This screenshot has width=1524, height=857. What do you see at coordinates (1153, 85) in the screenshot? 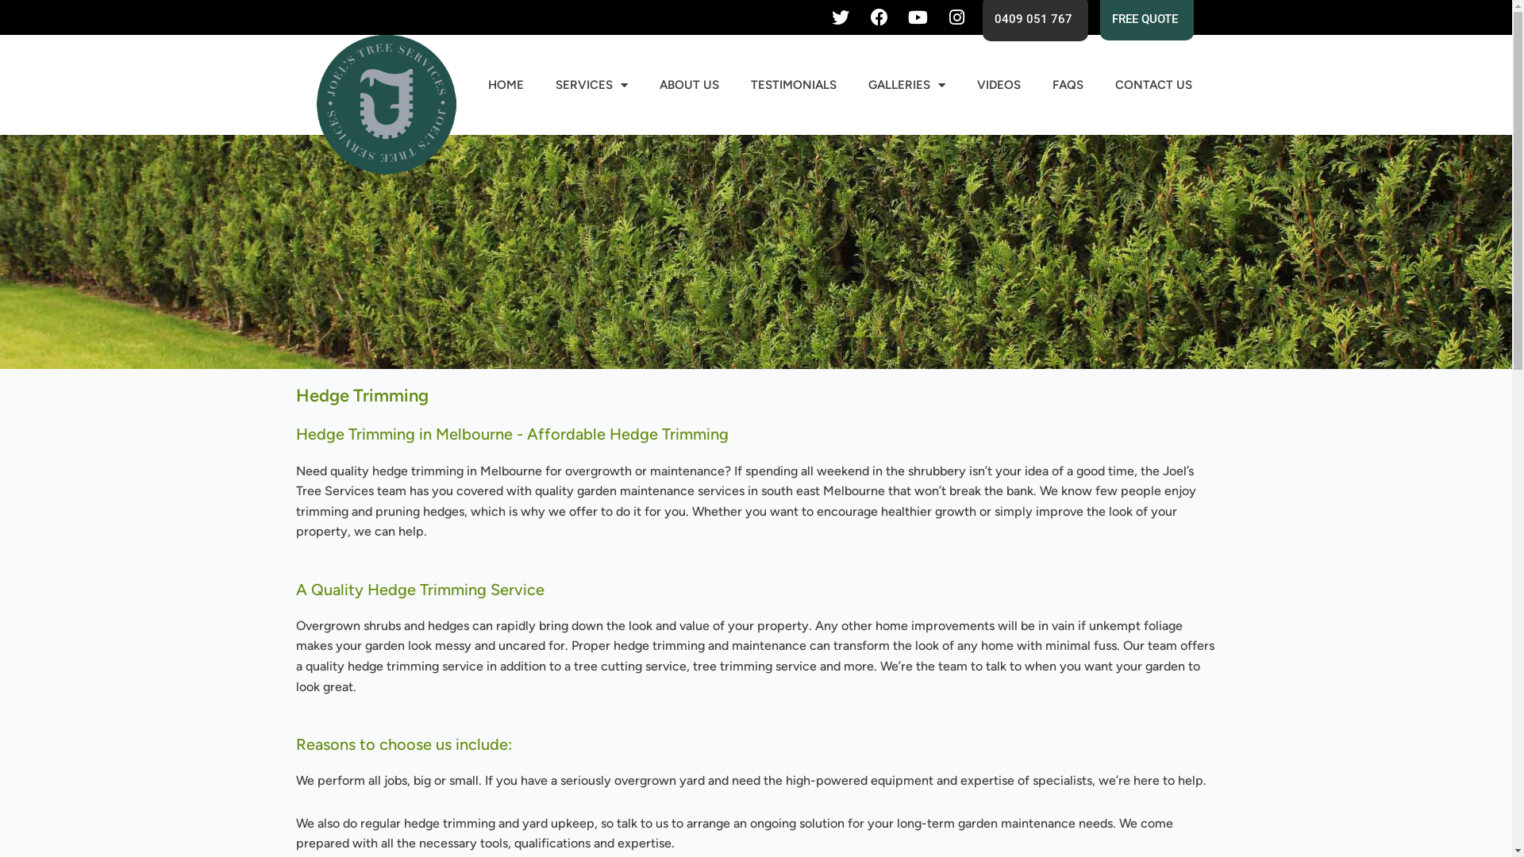
I see `'CONTACT US'` at bounding box center [1153, 85].